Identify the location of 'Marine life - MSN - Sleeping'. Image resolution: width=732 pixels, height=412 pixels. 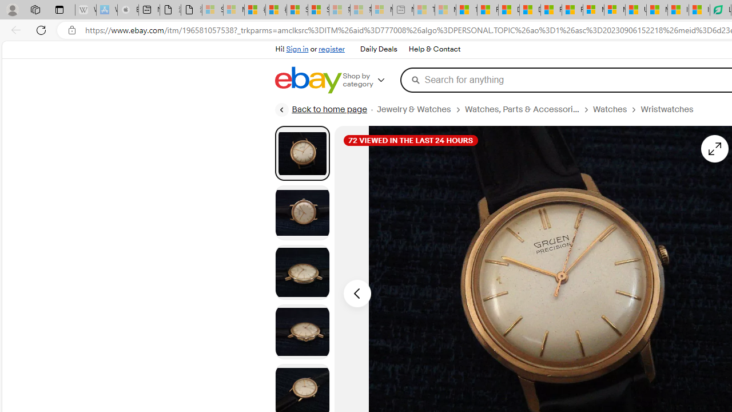
(445, 10).